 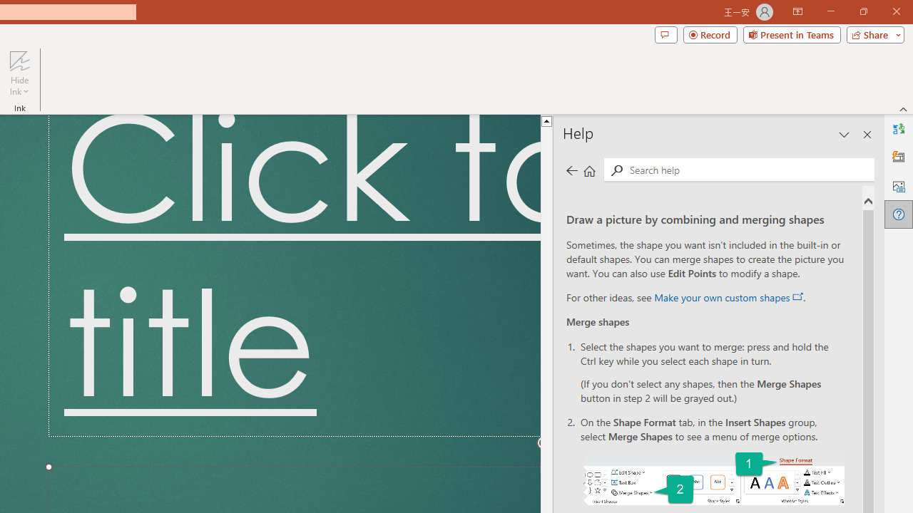 I want to click on 'Hide Ink', so click(x=19, y=73).